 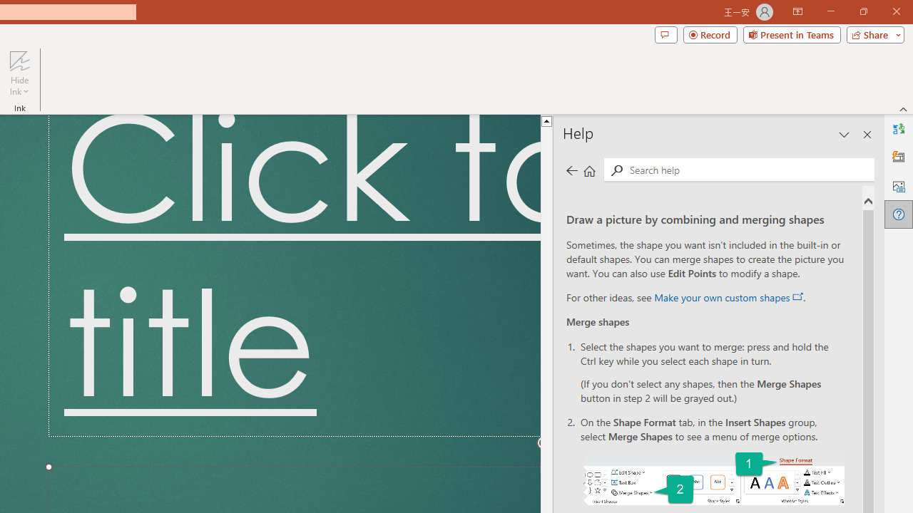 I want to click on 'Hide Ink', so click(x=19, y=73).